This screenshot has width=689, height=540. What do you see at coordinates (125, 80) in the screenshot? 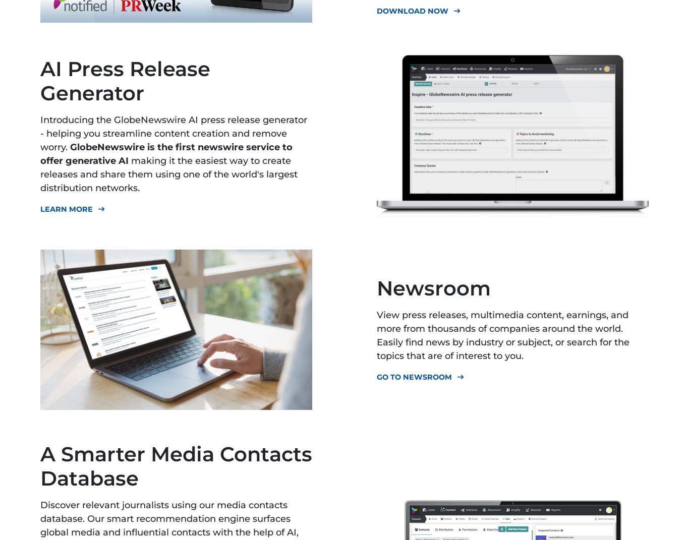
I see `'AI Press Release Generator'` at bounding box center [125, 80].